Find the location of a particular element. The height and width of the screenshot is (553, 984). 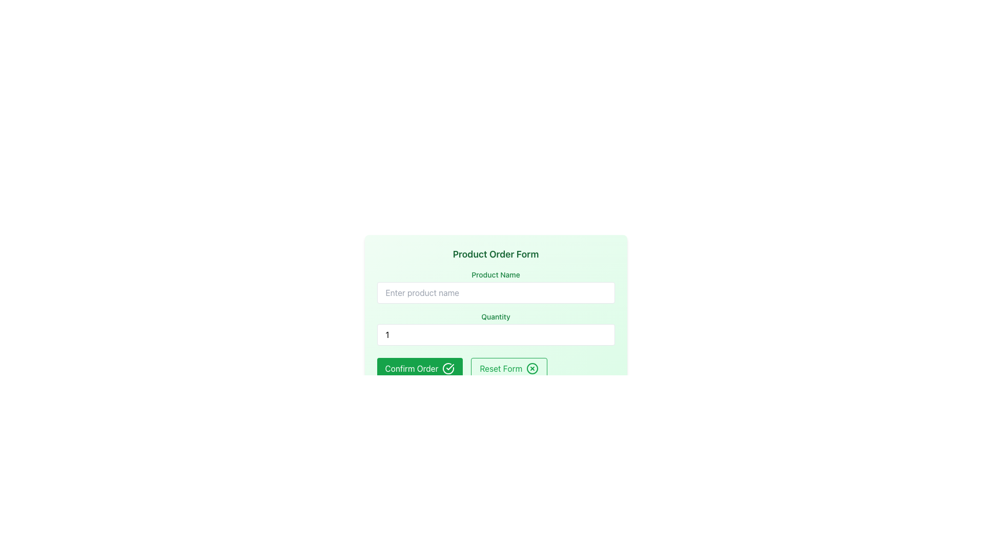

the 'Reset Form' button, which is a green button with an 'X' icon, positioned in the bottom center of the 'Product Order Form' layout is located at coordinates (509, 369).